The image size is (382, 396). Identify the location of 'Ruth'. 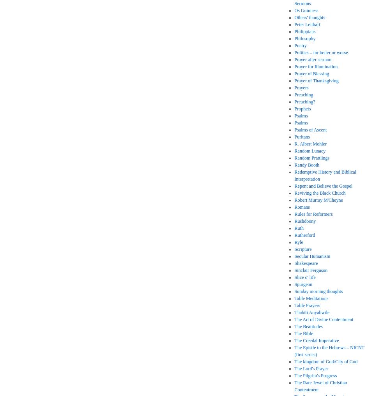
(299, 228).